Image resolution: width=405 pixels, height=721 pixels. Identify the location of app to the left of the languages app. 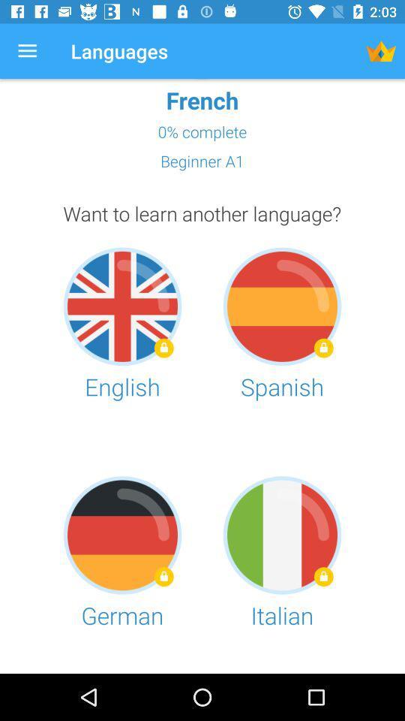
(27, 51).